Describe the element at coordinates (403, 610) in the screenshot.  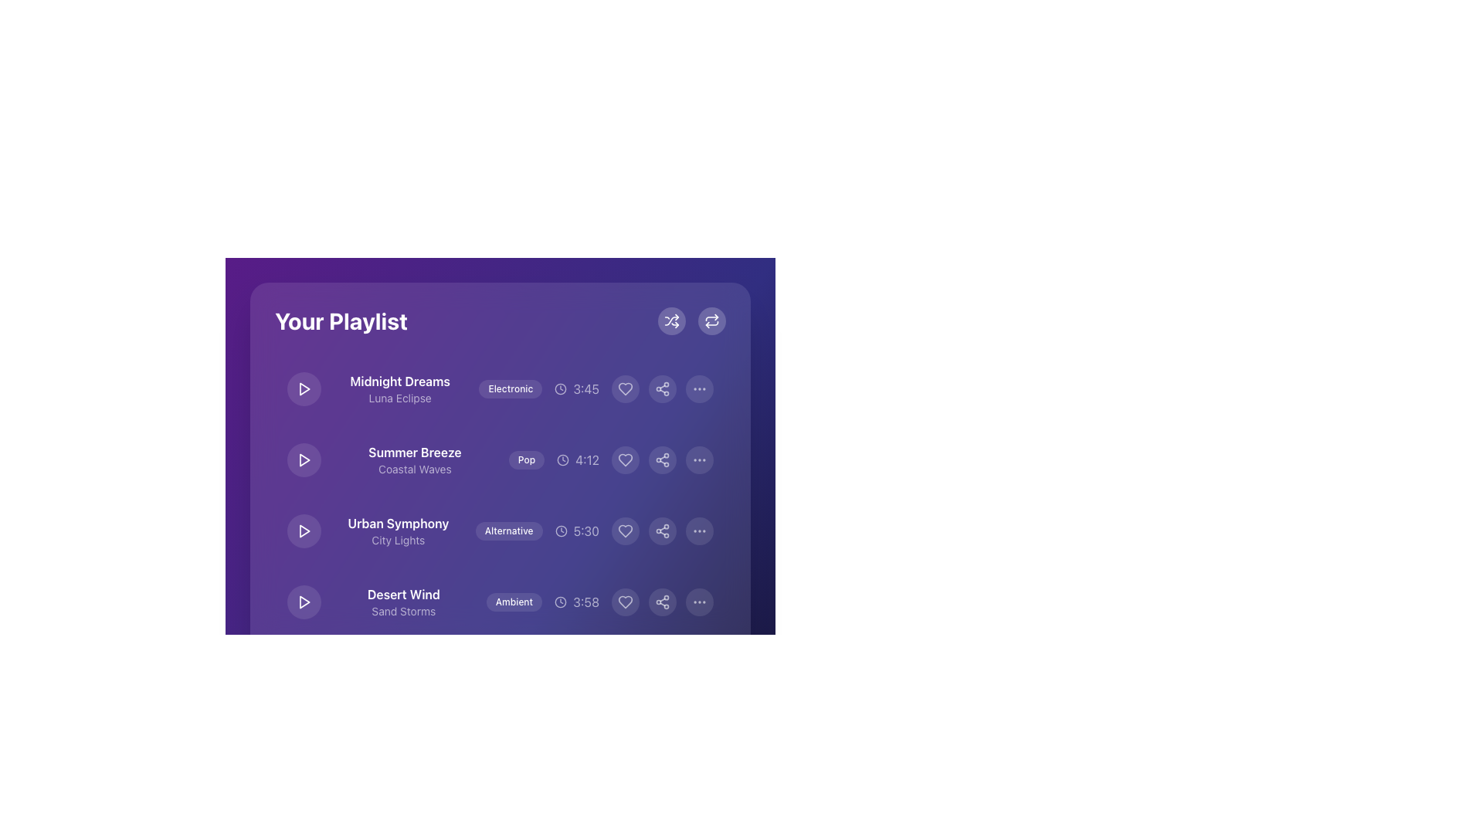
I see `the descriptive label indicating the mood or theme associated with the playlist item titled 'Desert Wind', which is positioned directly below the text 'Desert Wind'` at that location.